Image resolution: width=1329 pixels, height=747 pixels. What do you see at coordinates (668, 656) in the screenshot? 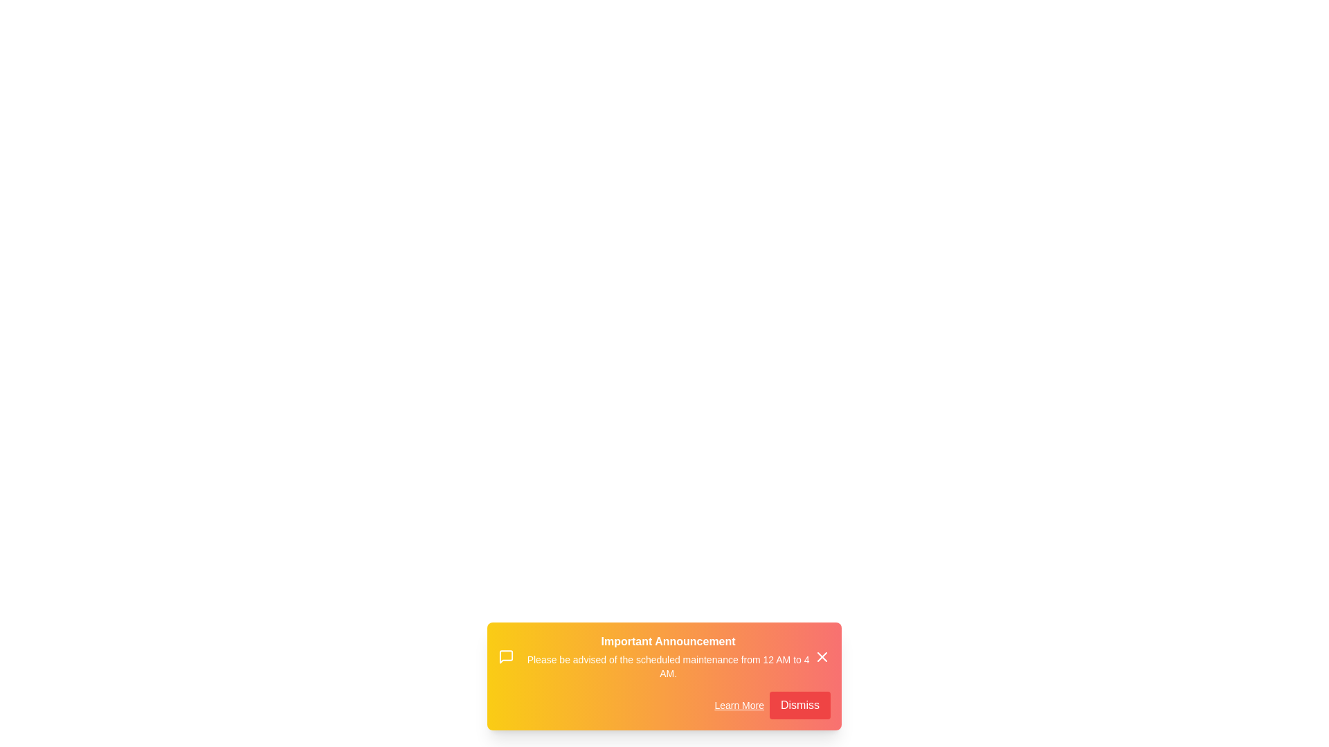
I see `the Text Block displaying 'Important Announcement' with a gradient background to read the message about scheduled maintenance` at bounding box center [668, 656].